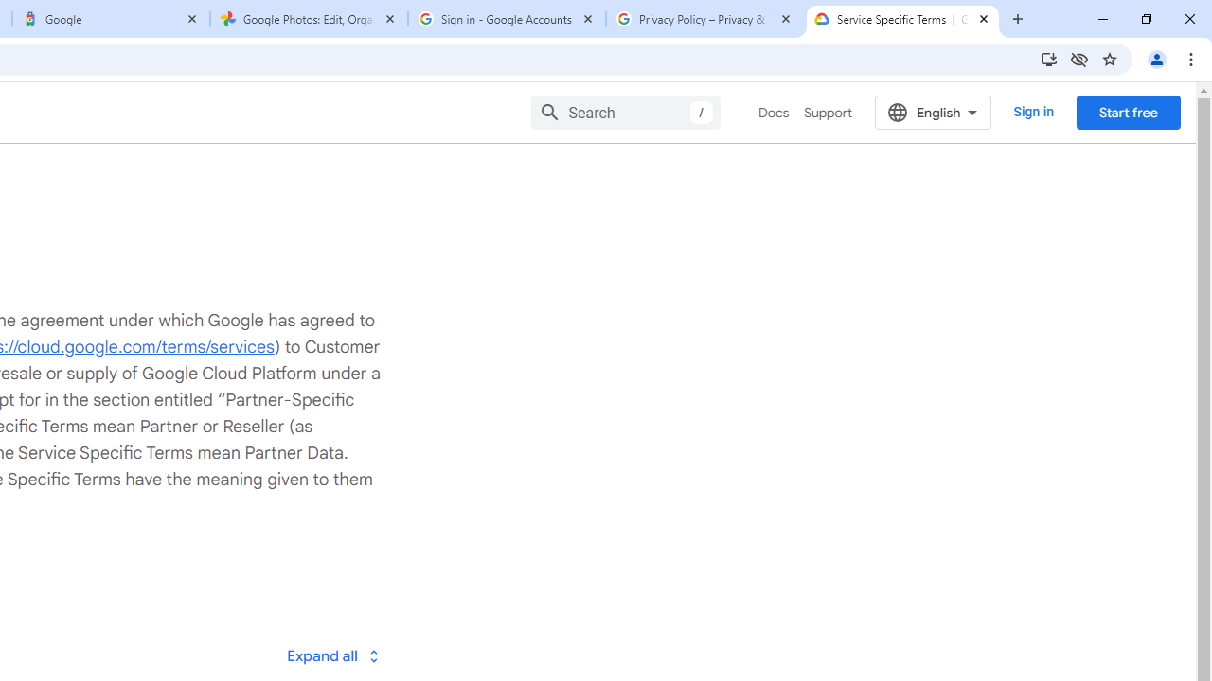 The width and height of the screenshot is (1212, 681). Describe the element at coordinates (774, 113) in the screenshot. I see `'Docs'` at that location.